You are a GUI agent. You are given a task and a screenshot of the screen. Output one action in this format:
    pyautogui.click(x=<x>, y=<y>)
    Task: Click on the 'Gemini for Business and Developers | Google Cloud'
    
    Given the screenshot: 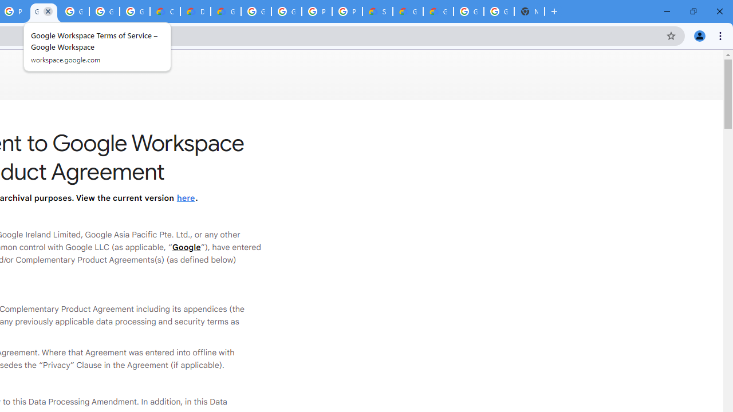 What is the action you would take?
    pyautogui.click(x=226, y=11)
    